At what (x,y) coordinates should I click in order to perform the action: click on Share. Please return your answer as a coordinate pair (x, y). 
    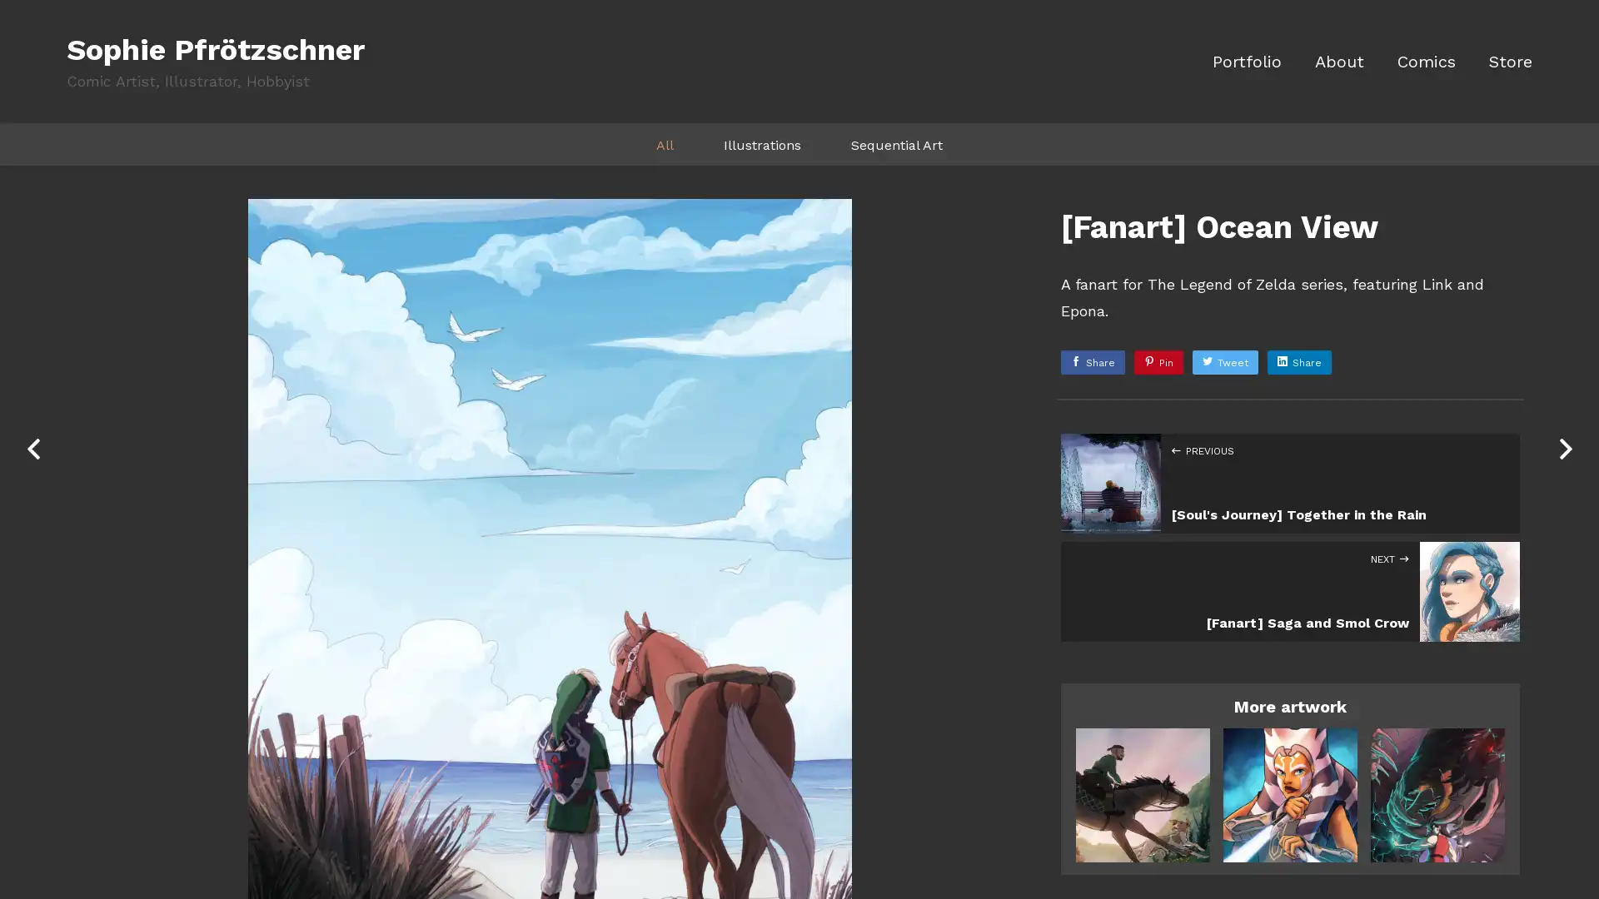
    Looking at the image, I should click on (1298, 361).